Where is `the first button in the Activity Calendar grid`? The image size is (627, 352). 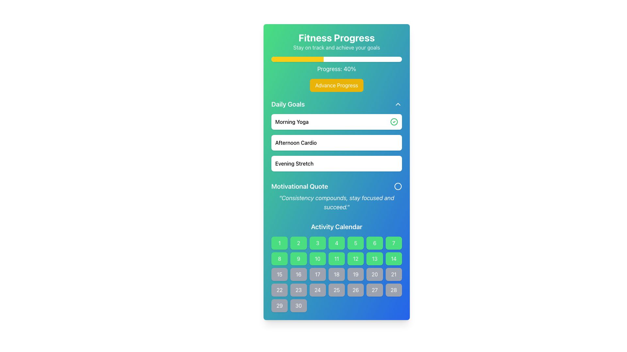 the first button in the Activity Calendar grid is located at coordinates (280, 243).